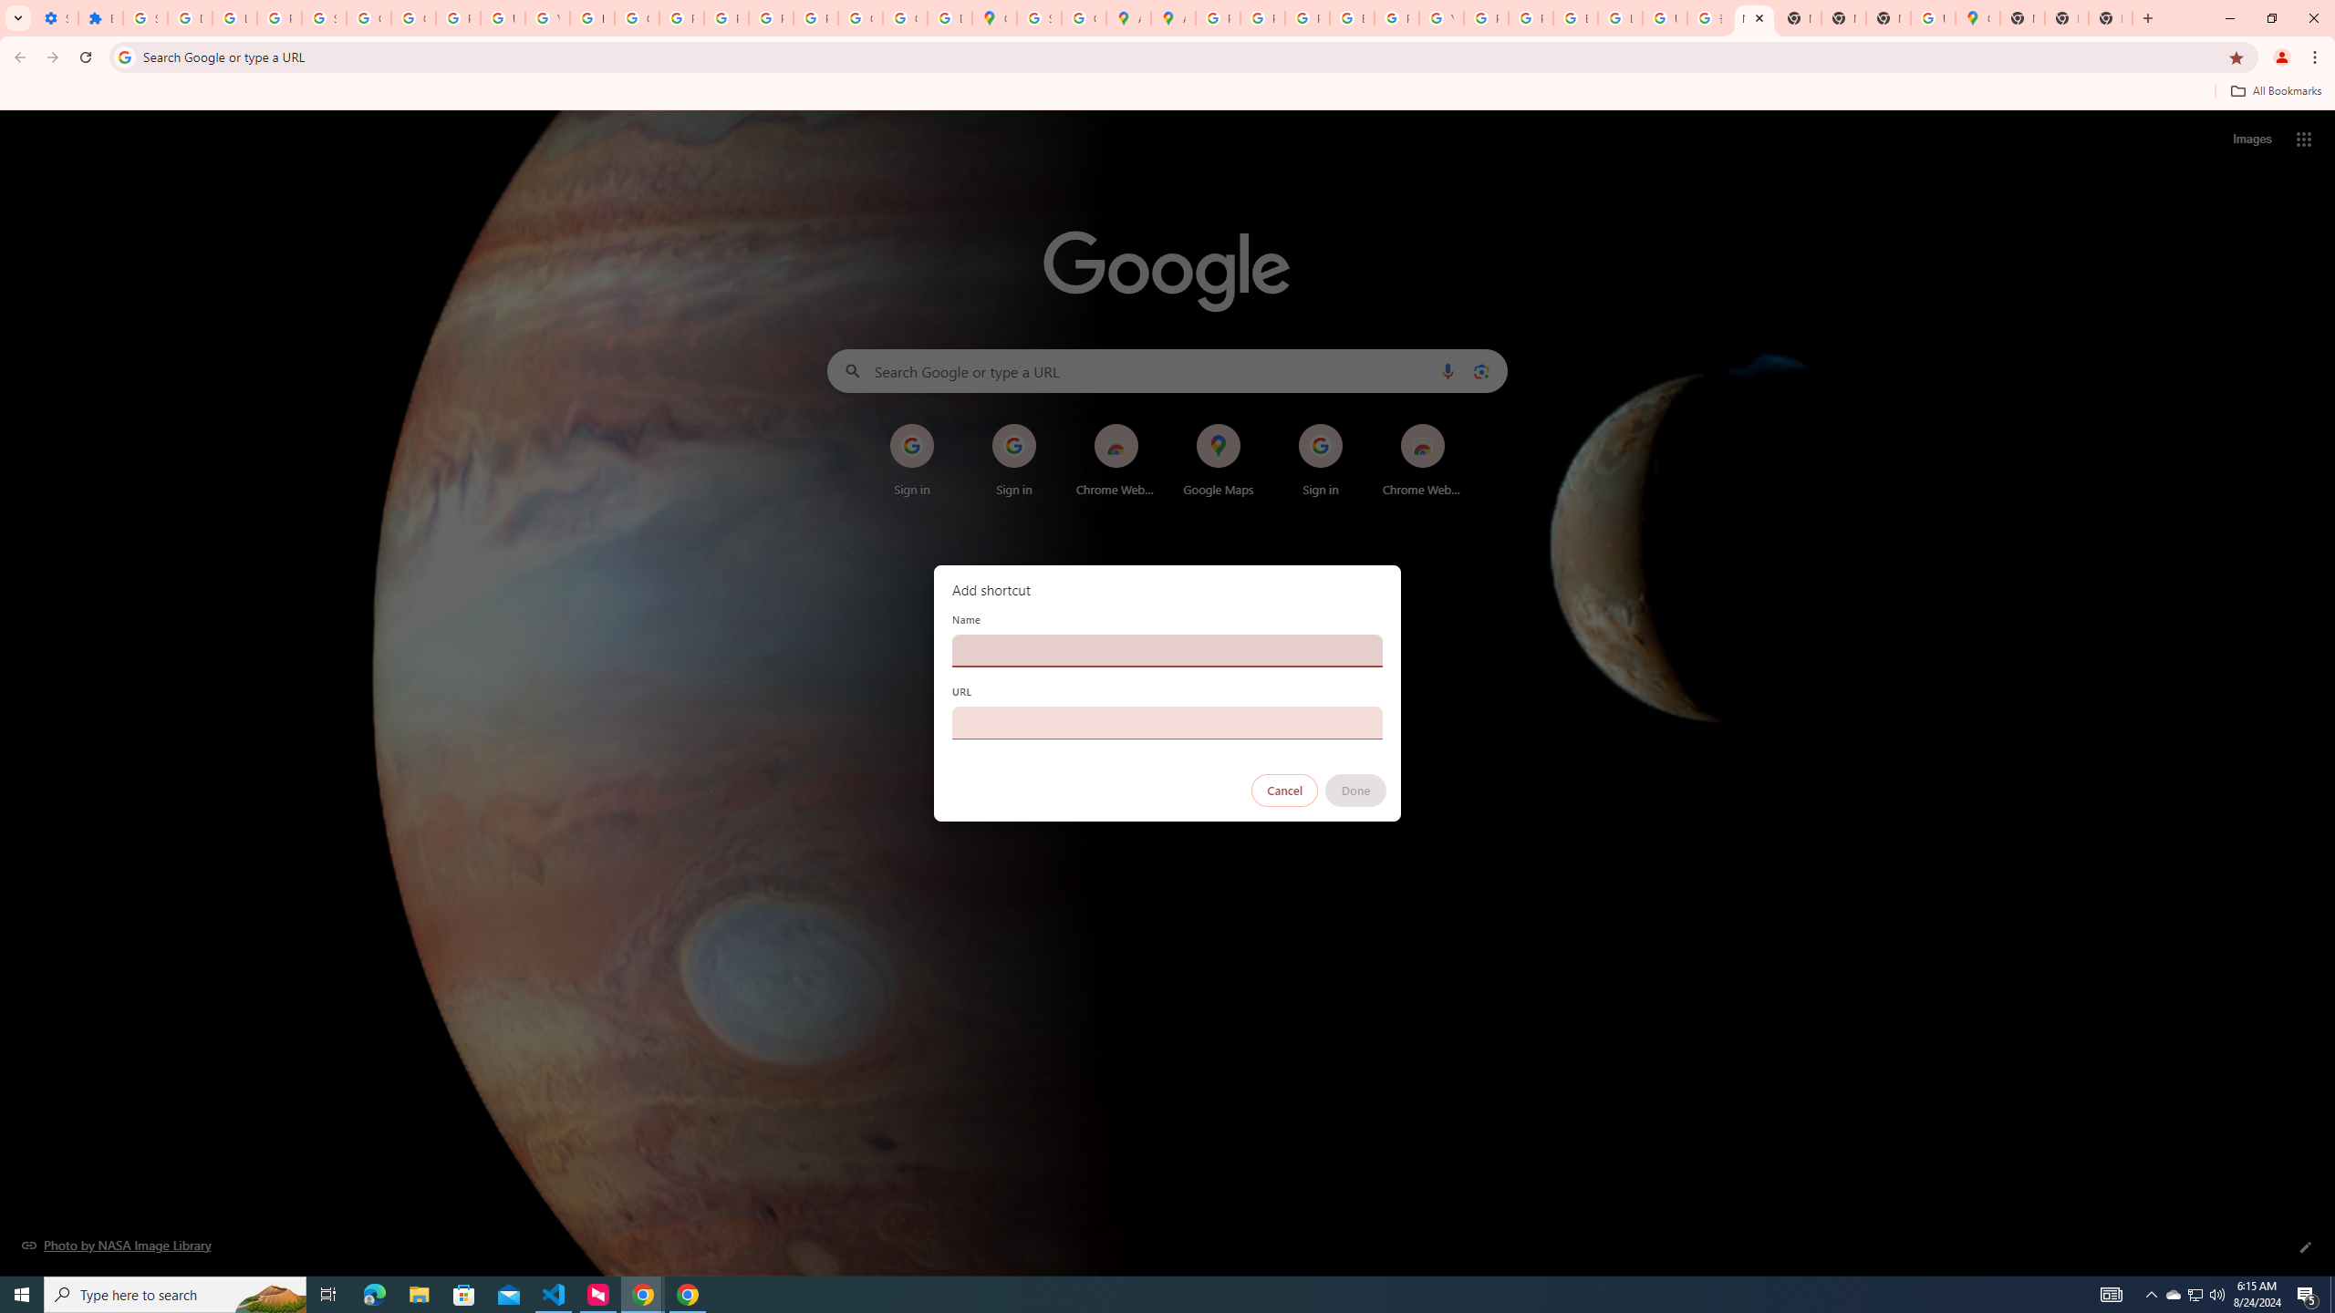 This screenshot has height=1313, width=2335. What do you see at coordinates (592, 17) in the screenshot?
I see `'https://scholar.google.com/'` at bounding box center [592, 17].